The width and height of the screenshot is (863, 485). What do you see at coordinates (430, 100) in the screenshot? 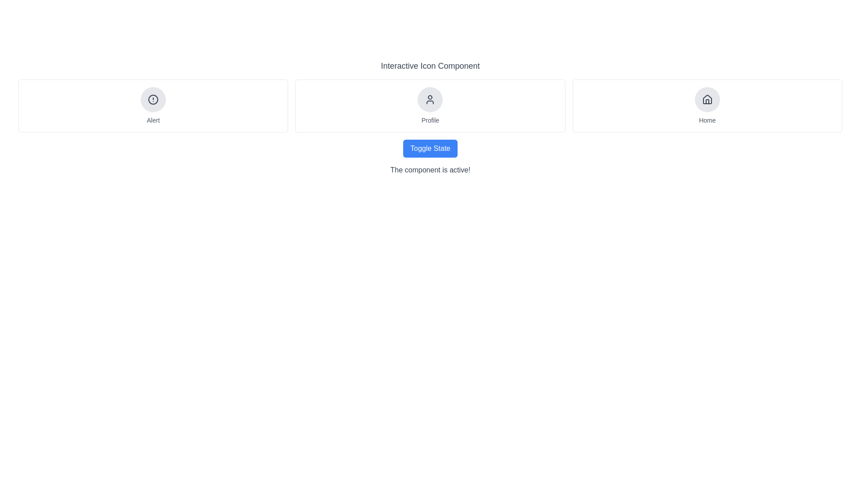
I see `the circular profile icon with a light gray background and dark gray outline, located under the 'Profile' label between 'Alert' and 'Home'` at bounding box center [430, 100].